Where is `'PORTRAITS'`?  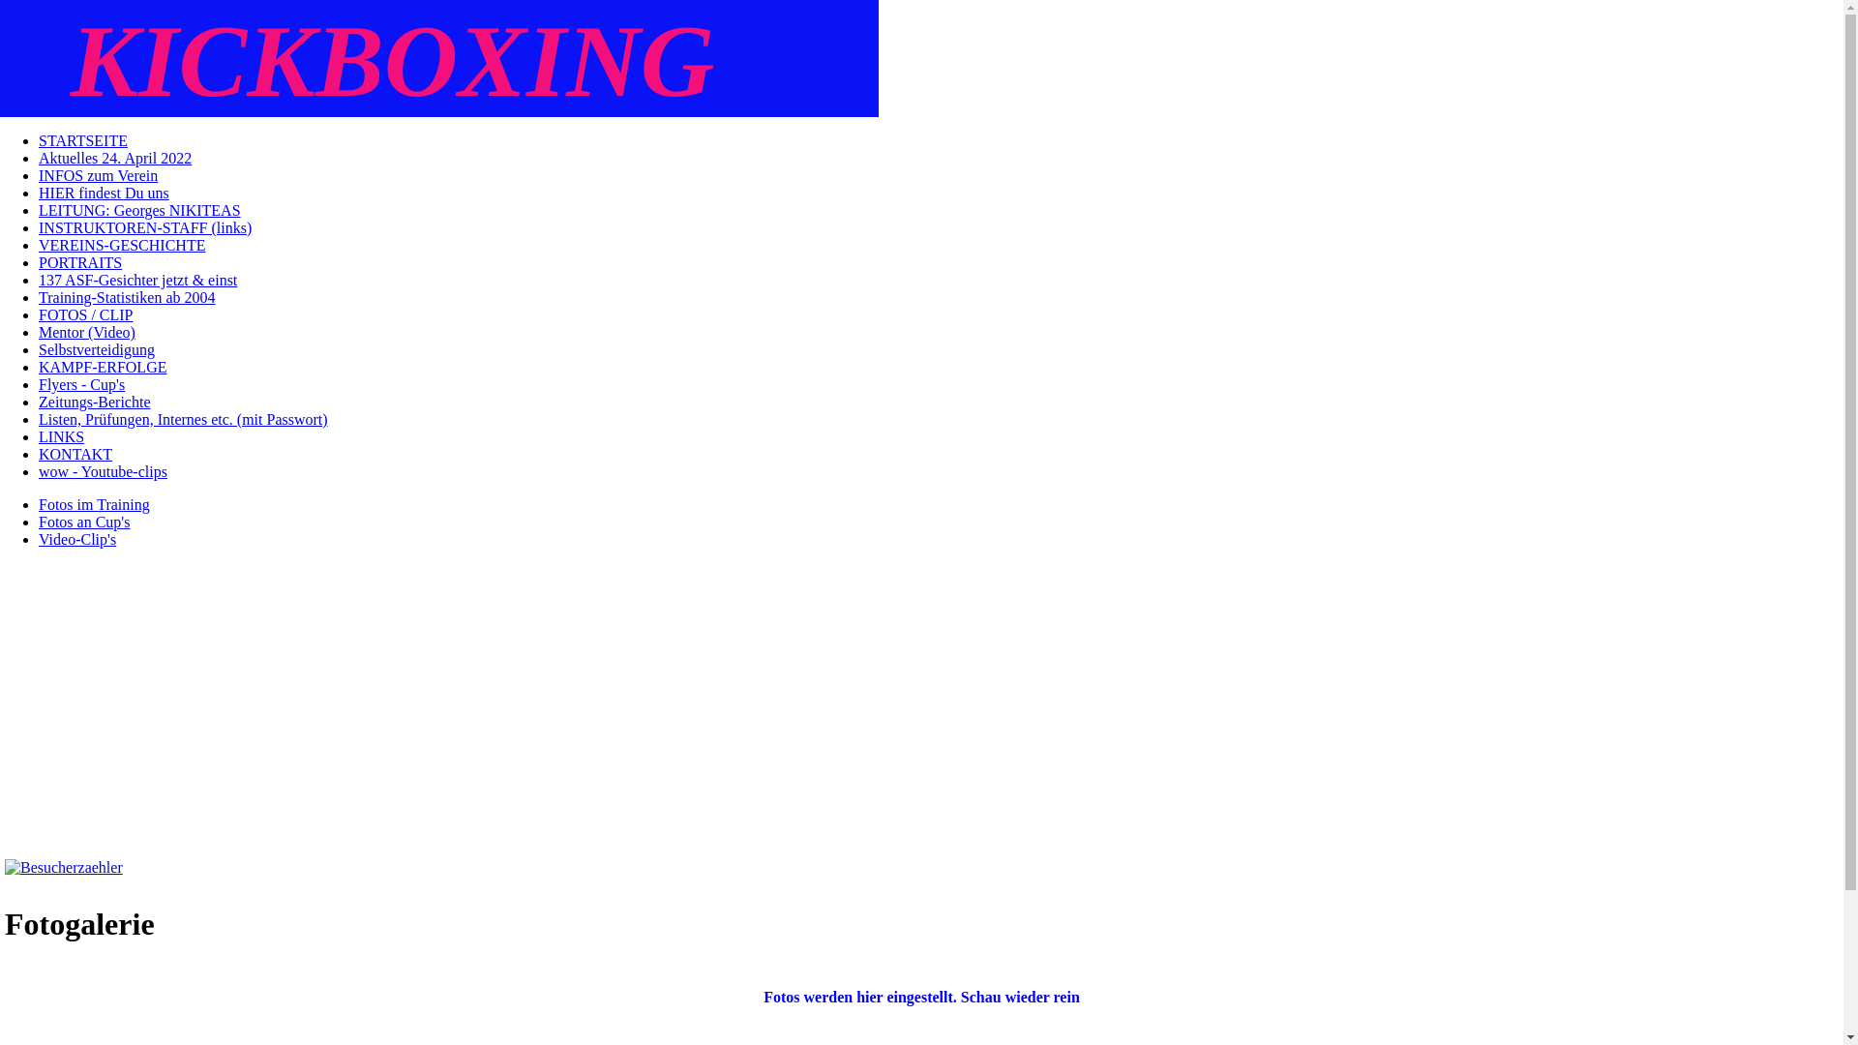 'PORTRAITS' is located at coordinates (78, 262).